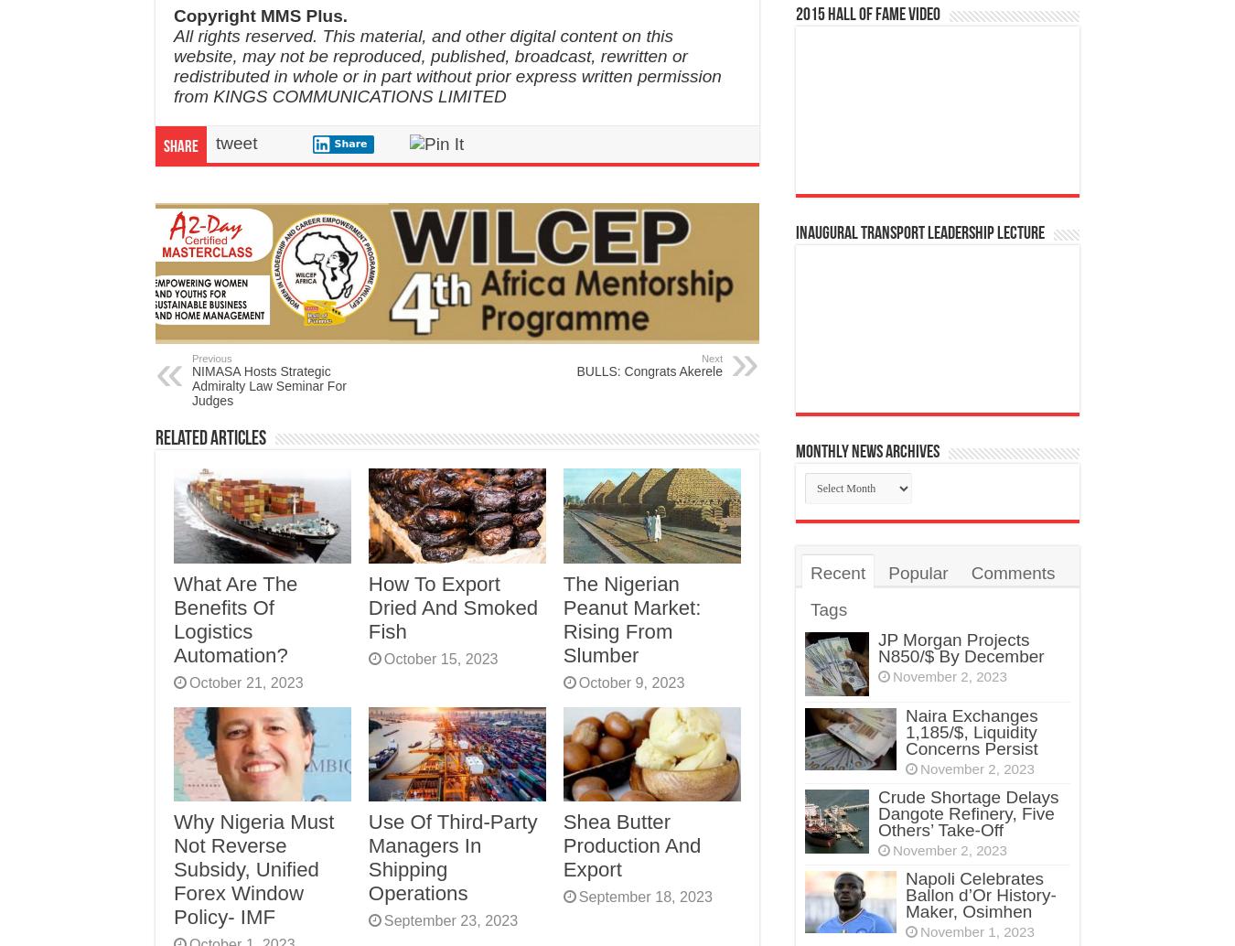 This screenshot has height=946, width=1235. I want to click on 'Inaugural Transport Leadership Lecture', so click(919, 232).